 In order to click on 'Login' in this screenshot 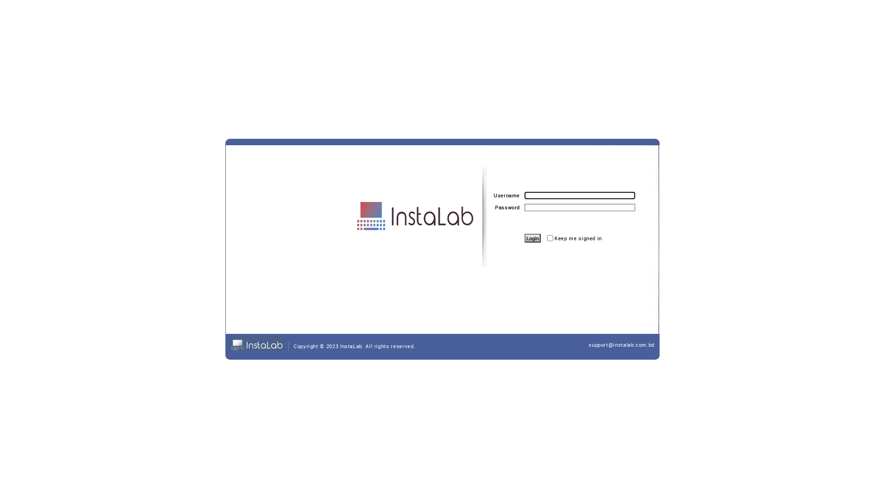, I will do `click(524, 237)`.